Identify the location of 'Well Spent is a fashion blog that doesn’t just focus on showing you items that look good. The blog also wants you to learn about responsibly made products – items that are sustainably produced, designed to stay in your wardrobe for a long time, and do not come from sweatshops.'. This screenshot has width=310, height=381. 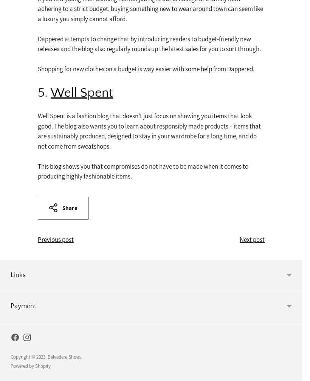
(149, 131).